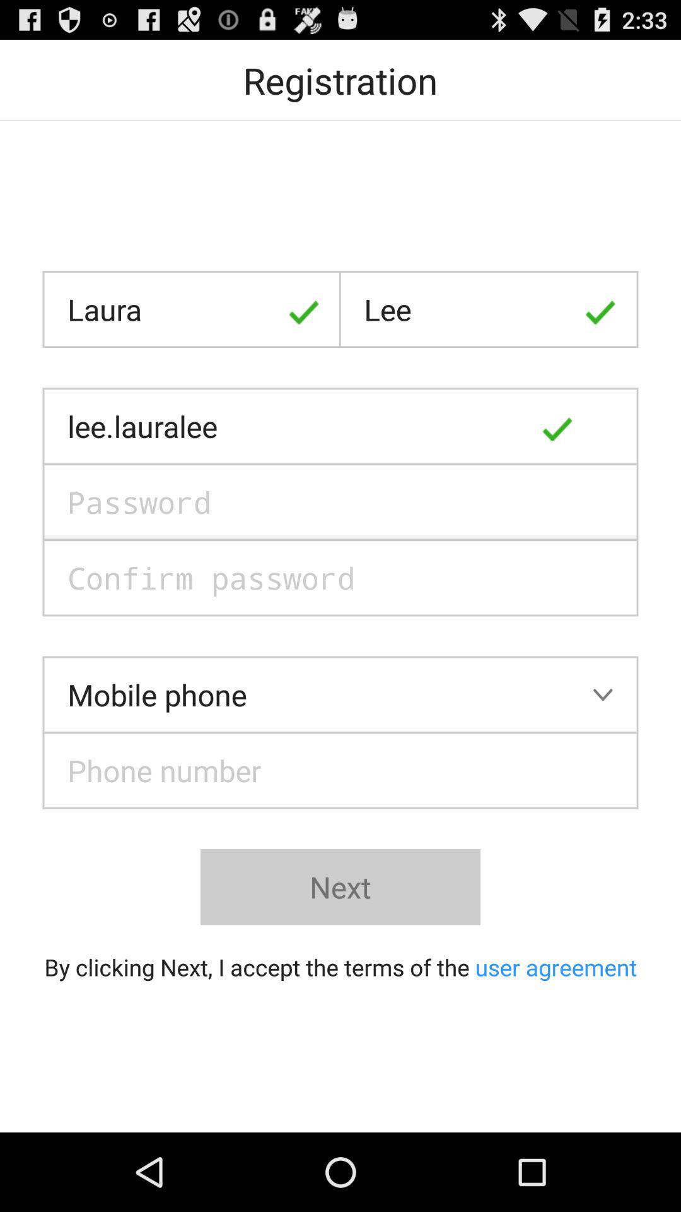 The image size is (681, 1212). Describe the element at coordinates (192, 309) in the screenshot. I see `the icon below the registration app` at that location.